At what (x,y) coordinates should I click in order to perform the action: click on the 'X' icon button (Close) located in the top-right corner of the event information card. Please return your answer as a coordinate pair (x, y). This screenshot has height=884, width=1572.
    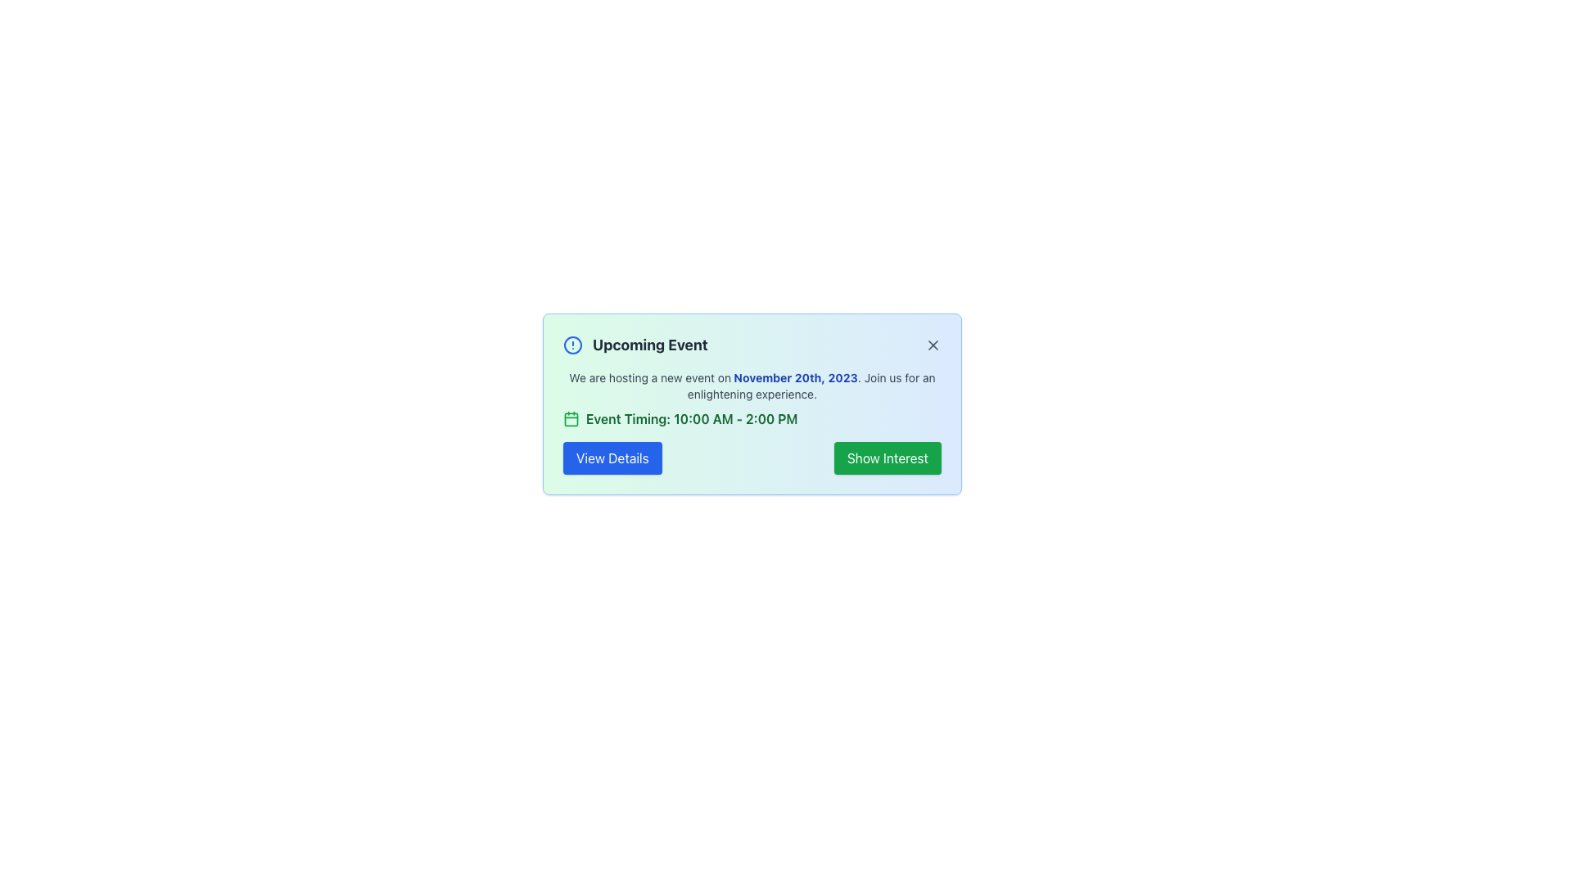
    Looking at the image, I should click on (933, 344).